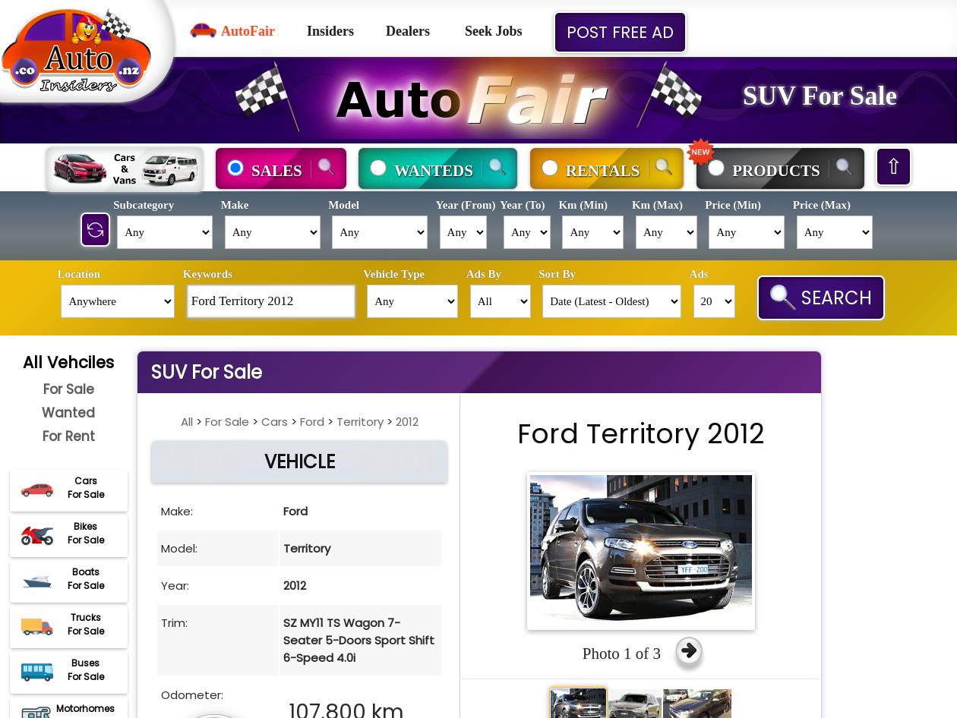 This screenshot has height=718, width=957. I want to click on 'Ads By', so click(483, 273).